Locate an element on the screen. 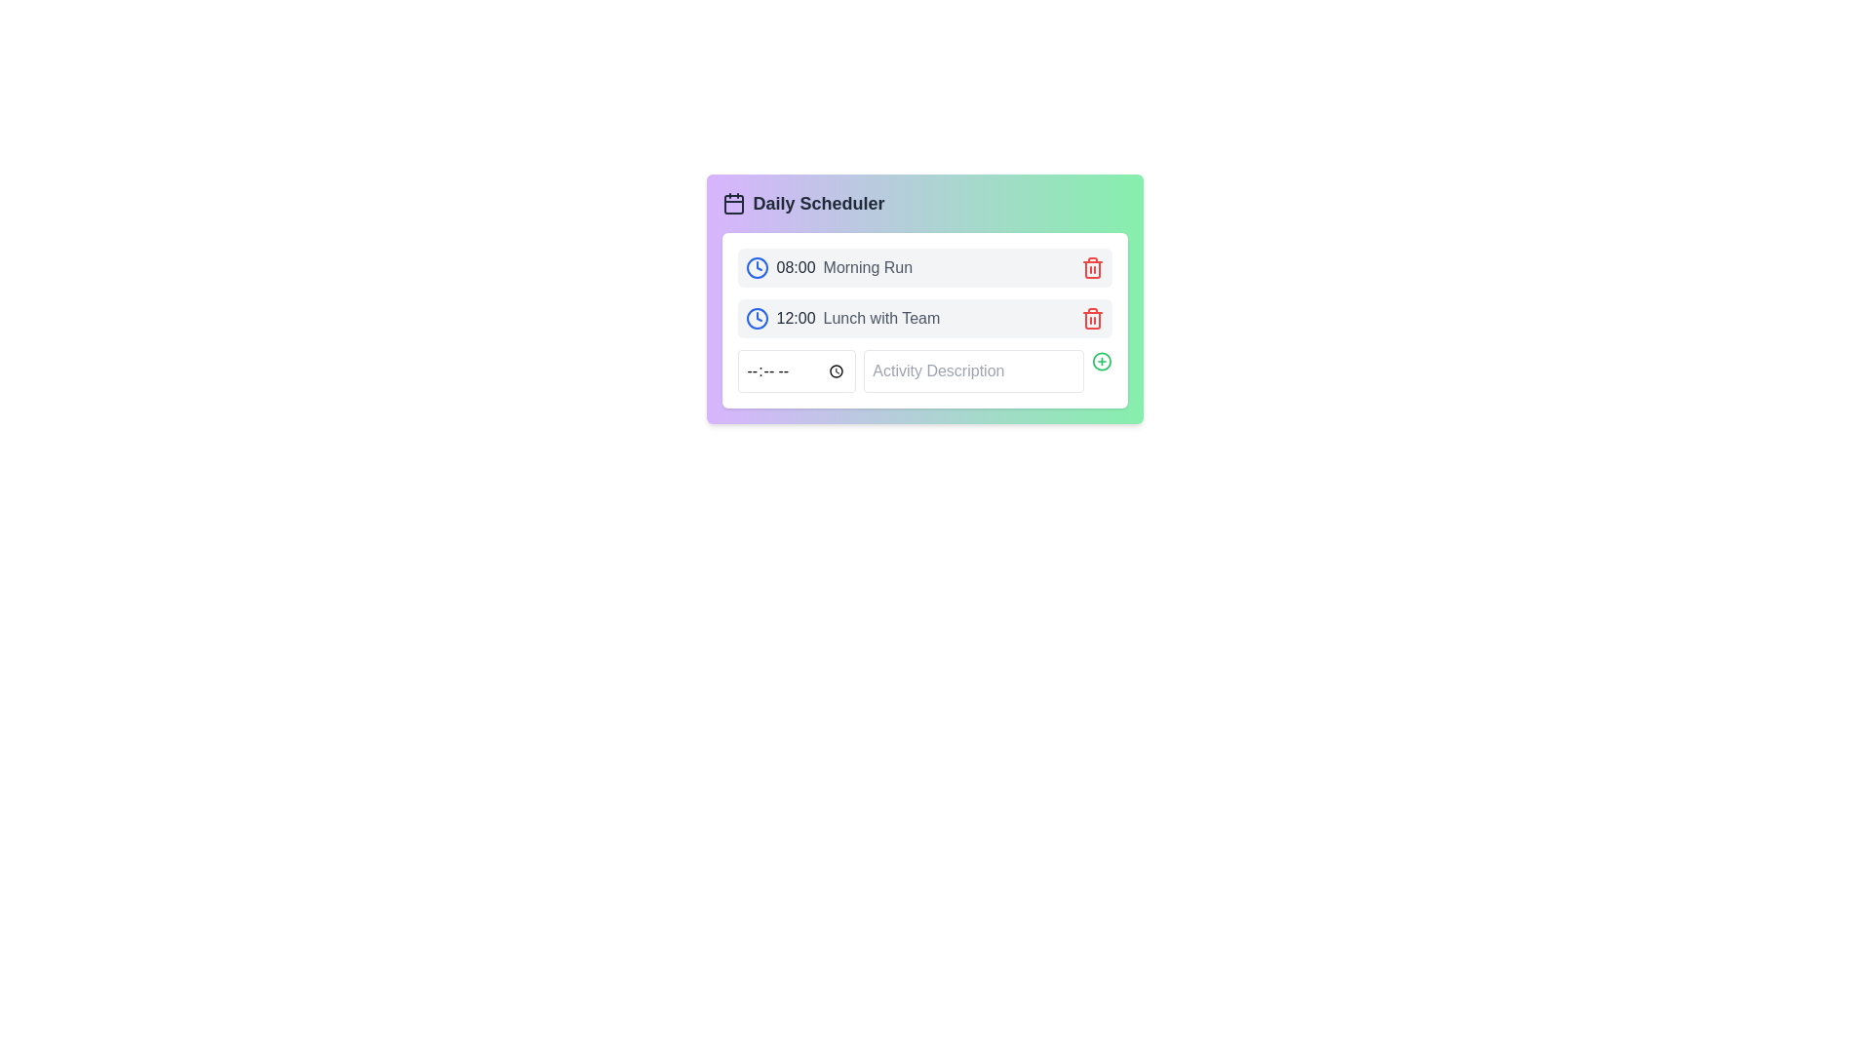  the time icon representing the event '12:00 Lunch with Team', which is the leftmost element in the row indicating the scheduled activity is located at coordinates (756, 318).